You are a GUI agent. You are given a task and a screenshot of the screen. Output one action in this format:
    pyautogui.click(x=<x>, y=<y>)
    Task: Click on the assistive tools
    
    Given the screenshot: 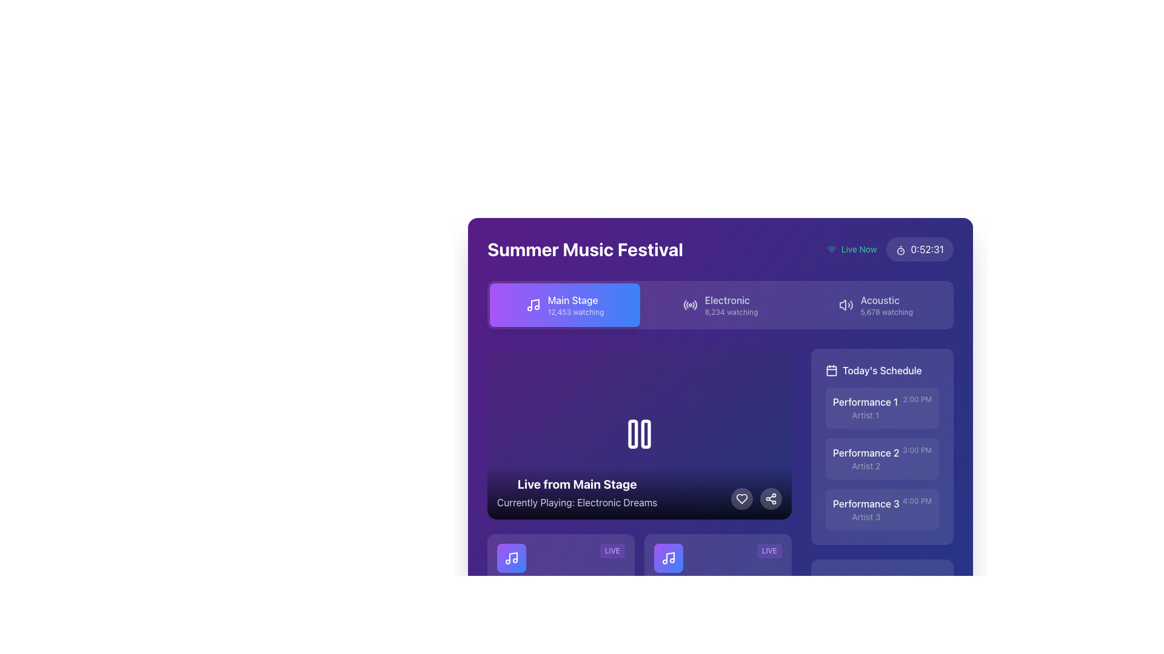 What is the action you would take?
    pyautogui.click(x=731, y=312)
    